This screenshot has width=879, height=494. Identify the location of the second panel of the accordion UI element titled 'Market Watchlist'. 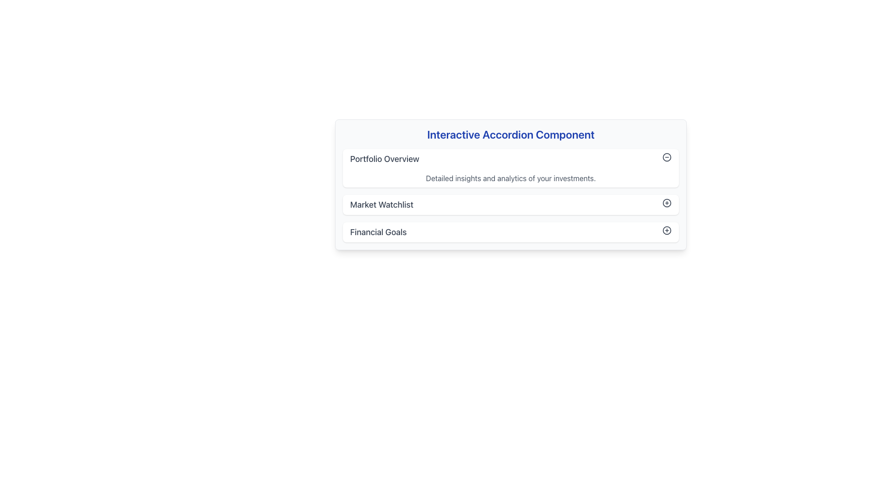
(510, 195).